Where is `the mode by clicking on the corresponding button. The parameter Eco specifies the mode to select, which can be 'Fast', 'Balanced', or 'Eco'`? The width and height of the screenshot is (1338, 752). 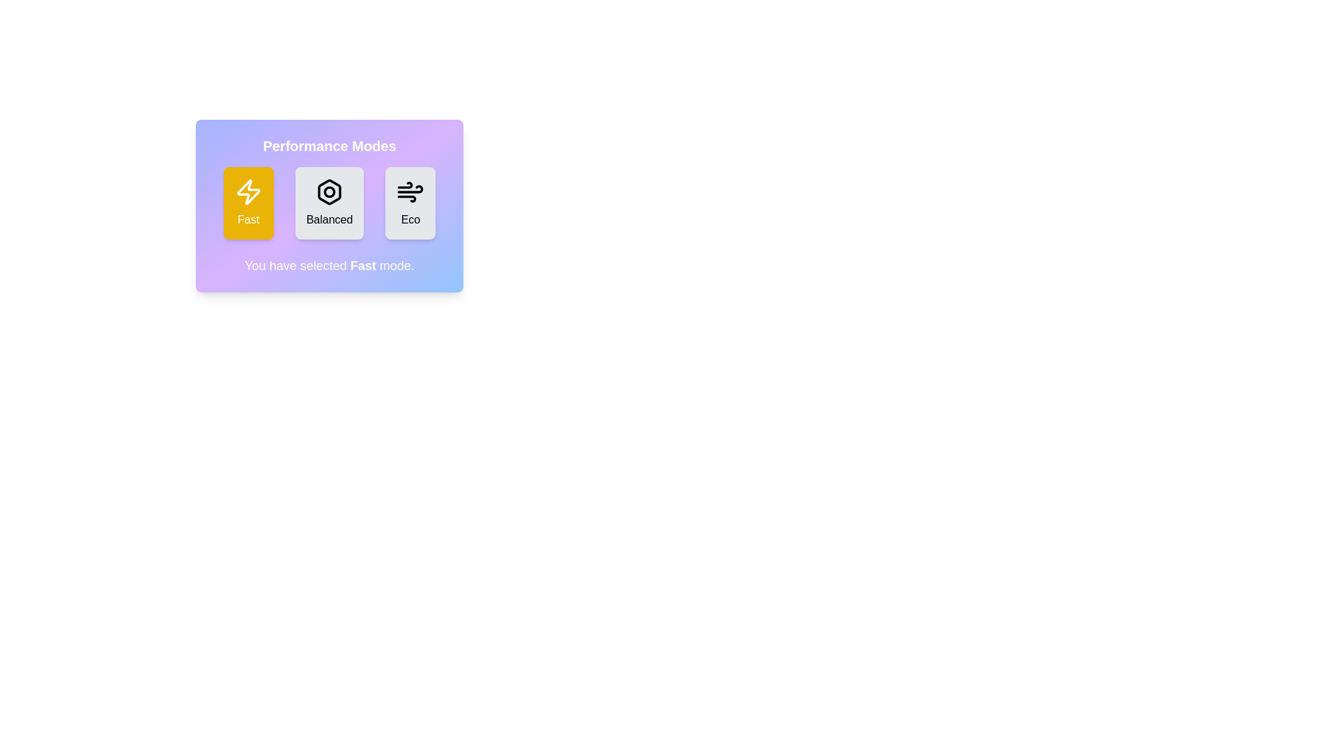
the mode by clicking on the corresponding button. The parameter Eco specifies the mode to select, which can be 'Fast', 'Balanced', or 'Eco' is located at coordinates (410, 203).